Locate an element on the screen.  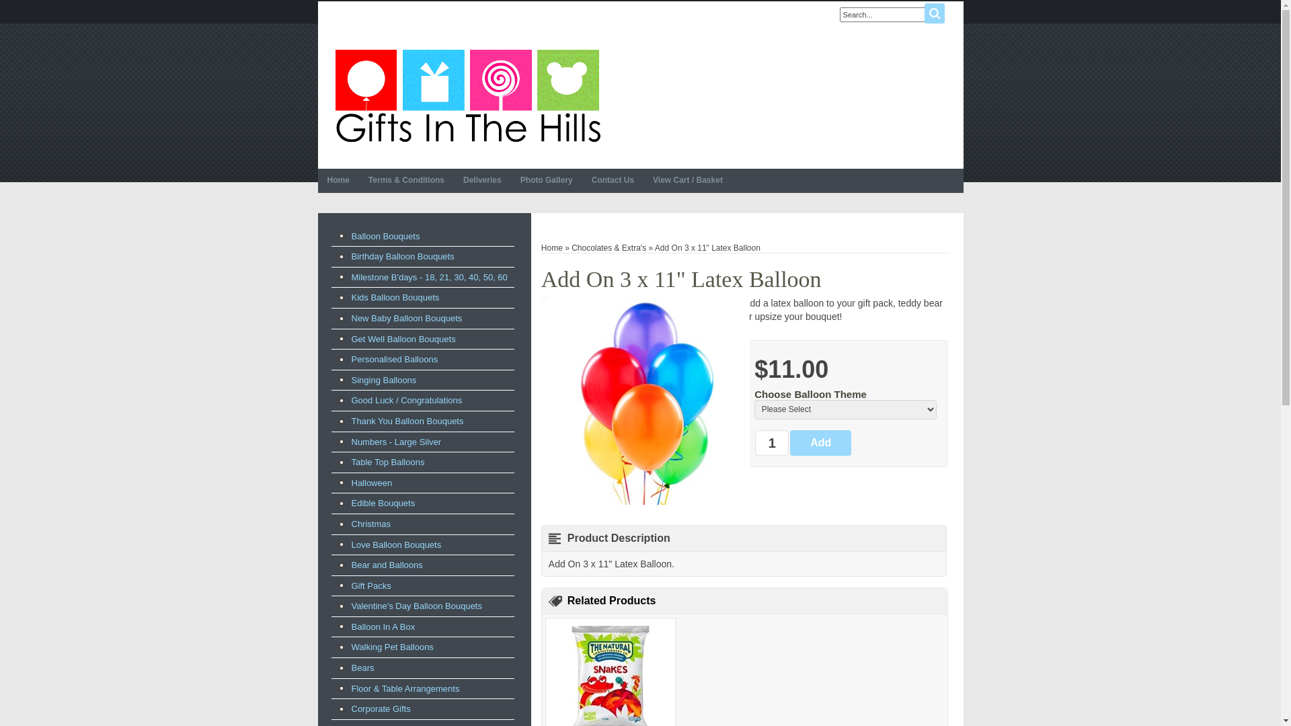
'Good Luck / Congratulations' is located at coordinates (422, 400).